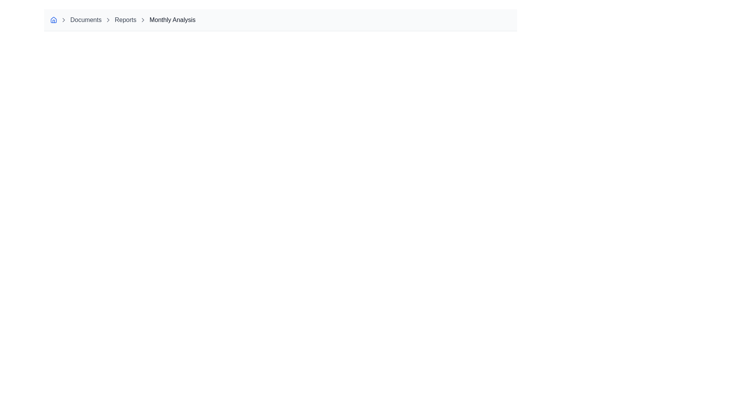 This screenshot has height=417, width=742. Describe the element at coordinates (107, 19) in the screenshot. I see `the small right-pointing chevron icon that visually separates the 'Documents' and 'Reports' breadcrumb items in the upper-middle section of the page` at that location.